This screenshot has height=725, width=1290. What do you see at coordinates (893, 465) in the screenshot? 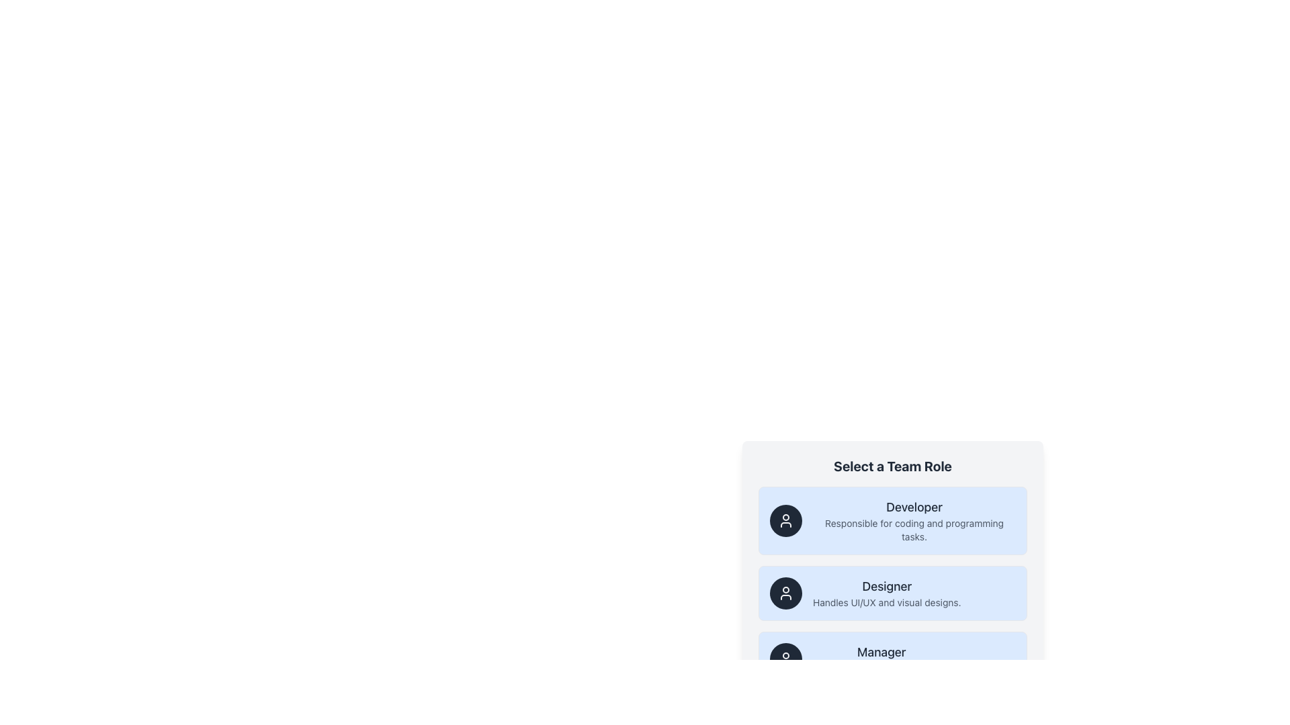
I see `the header that introduces and labels the section containing team role options, located at the top of the section with selectable roles like 'Developer', 'Designer', and 'Manager'` at bounding box center [893, 465].